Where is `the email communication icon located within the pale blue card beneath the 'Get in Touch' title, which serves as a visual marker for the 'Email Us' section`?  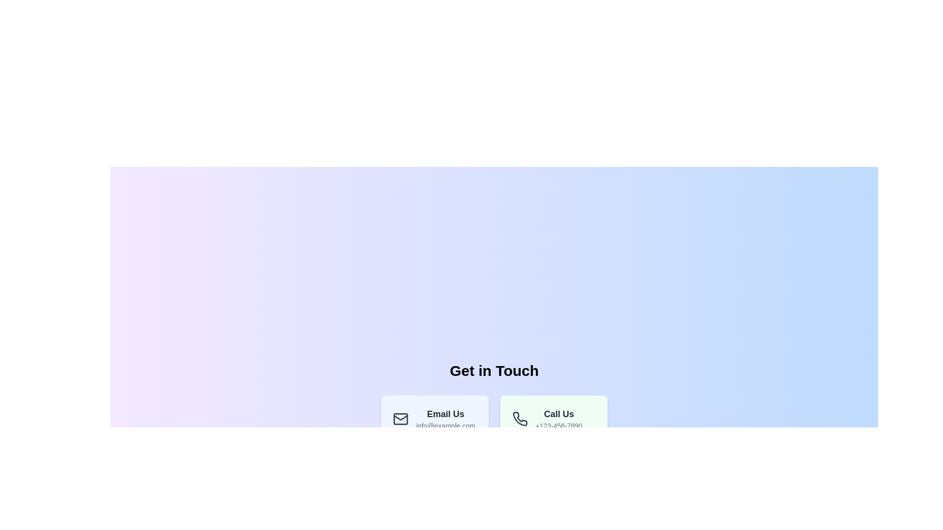 the email communication icon located within the pale blue card beneath the 'Get in Touch' title, which serves as a visual marker for the 'Email Us' section is located at coordinates (400, 419).